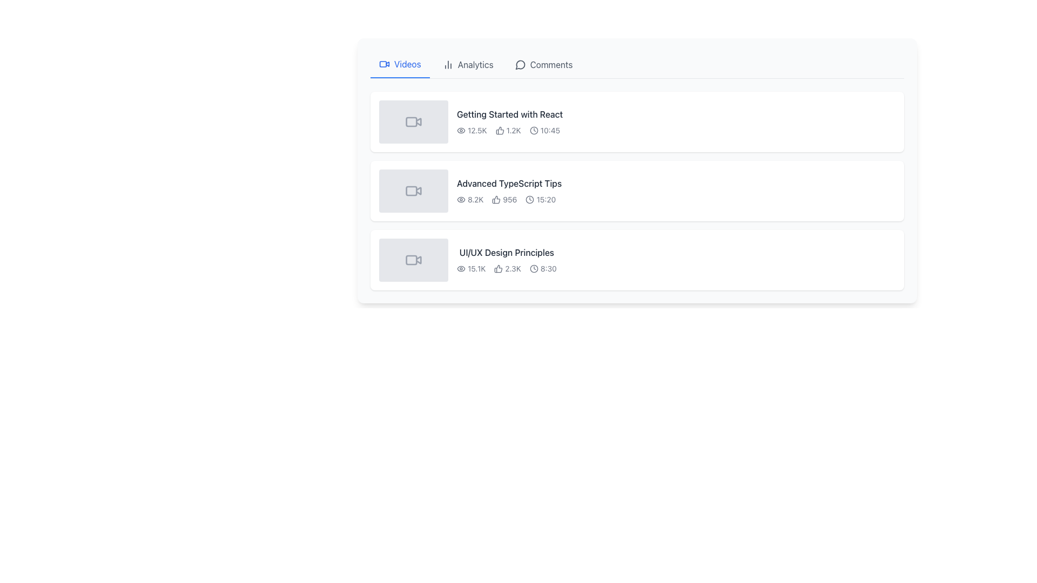  I want to click on the video title label in the second row of the video entries, so click(509, 182).